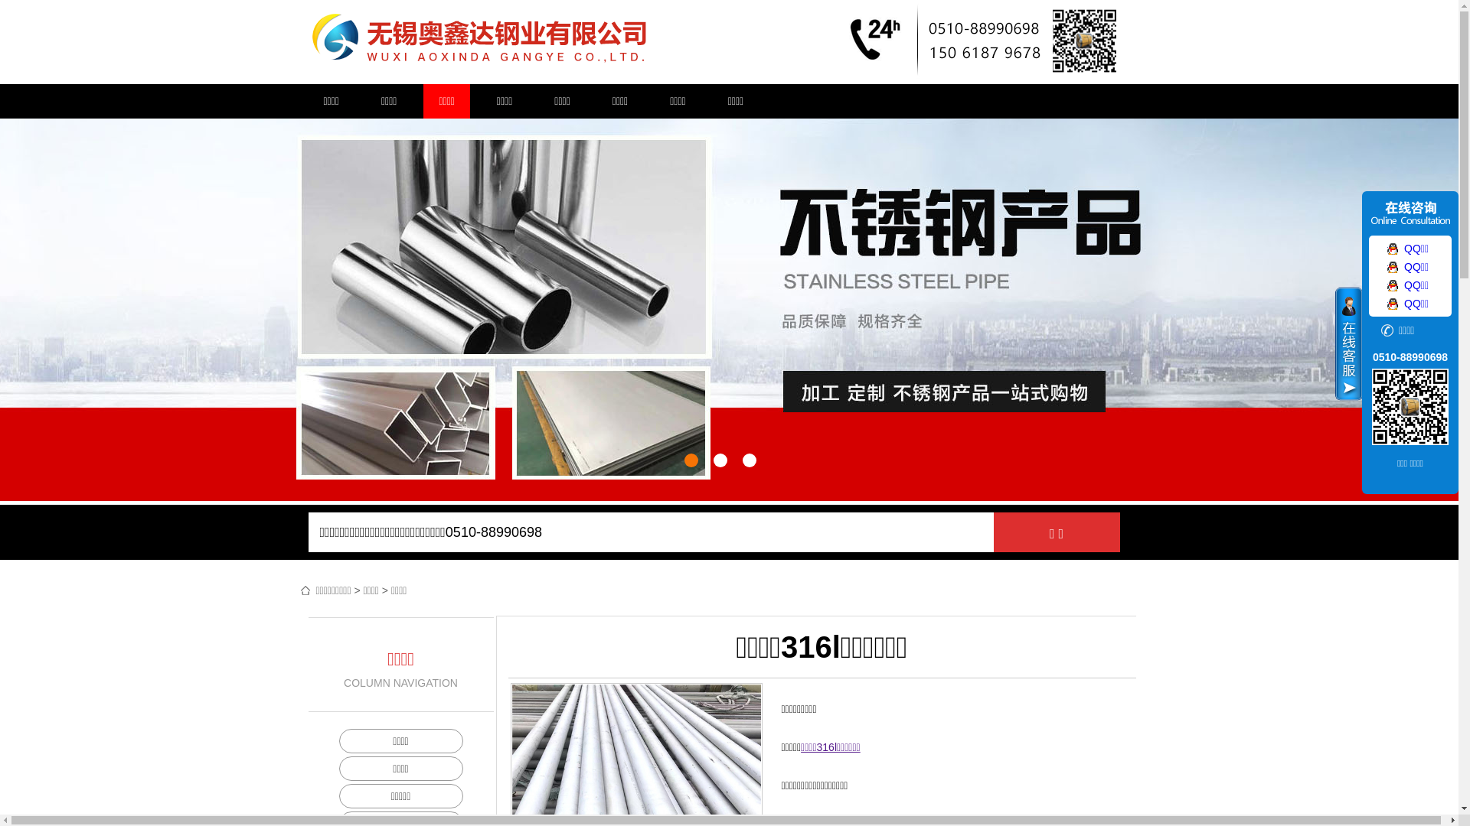  I want to click on '2', so click(719, 459).